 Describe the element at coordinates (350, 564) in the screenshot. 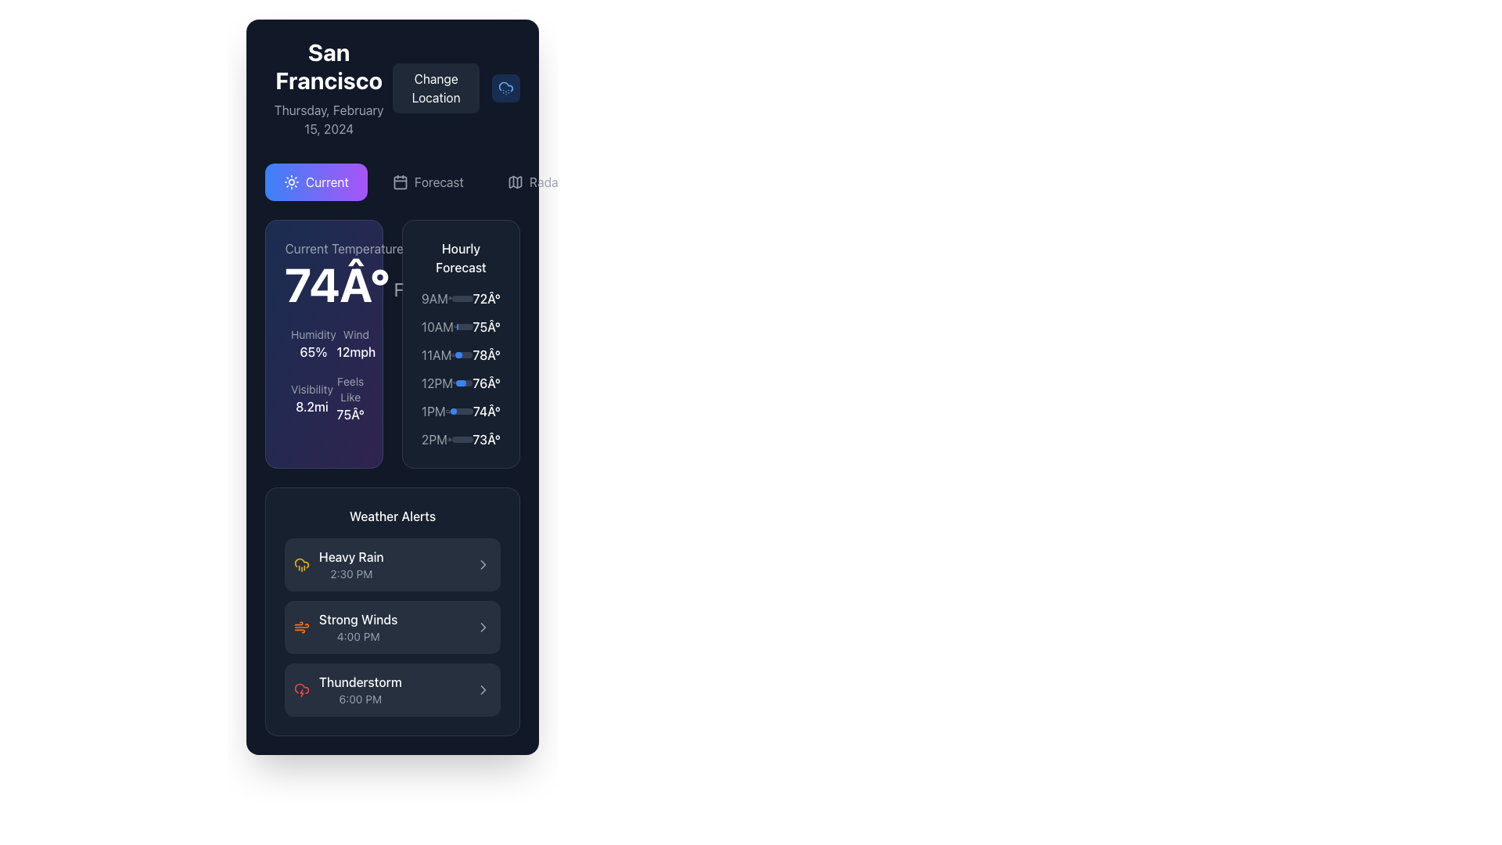

I see `the 'Heavy Rain' weather alert label located in the 'Weather Alerts' section, which indicates a weather alert with the time '2:30 PM'` at that location.